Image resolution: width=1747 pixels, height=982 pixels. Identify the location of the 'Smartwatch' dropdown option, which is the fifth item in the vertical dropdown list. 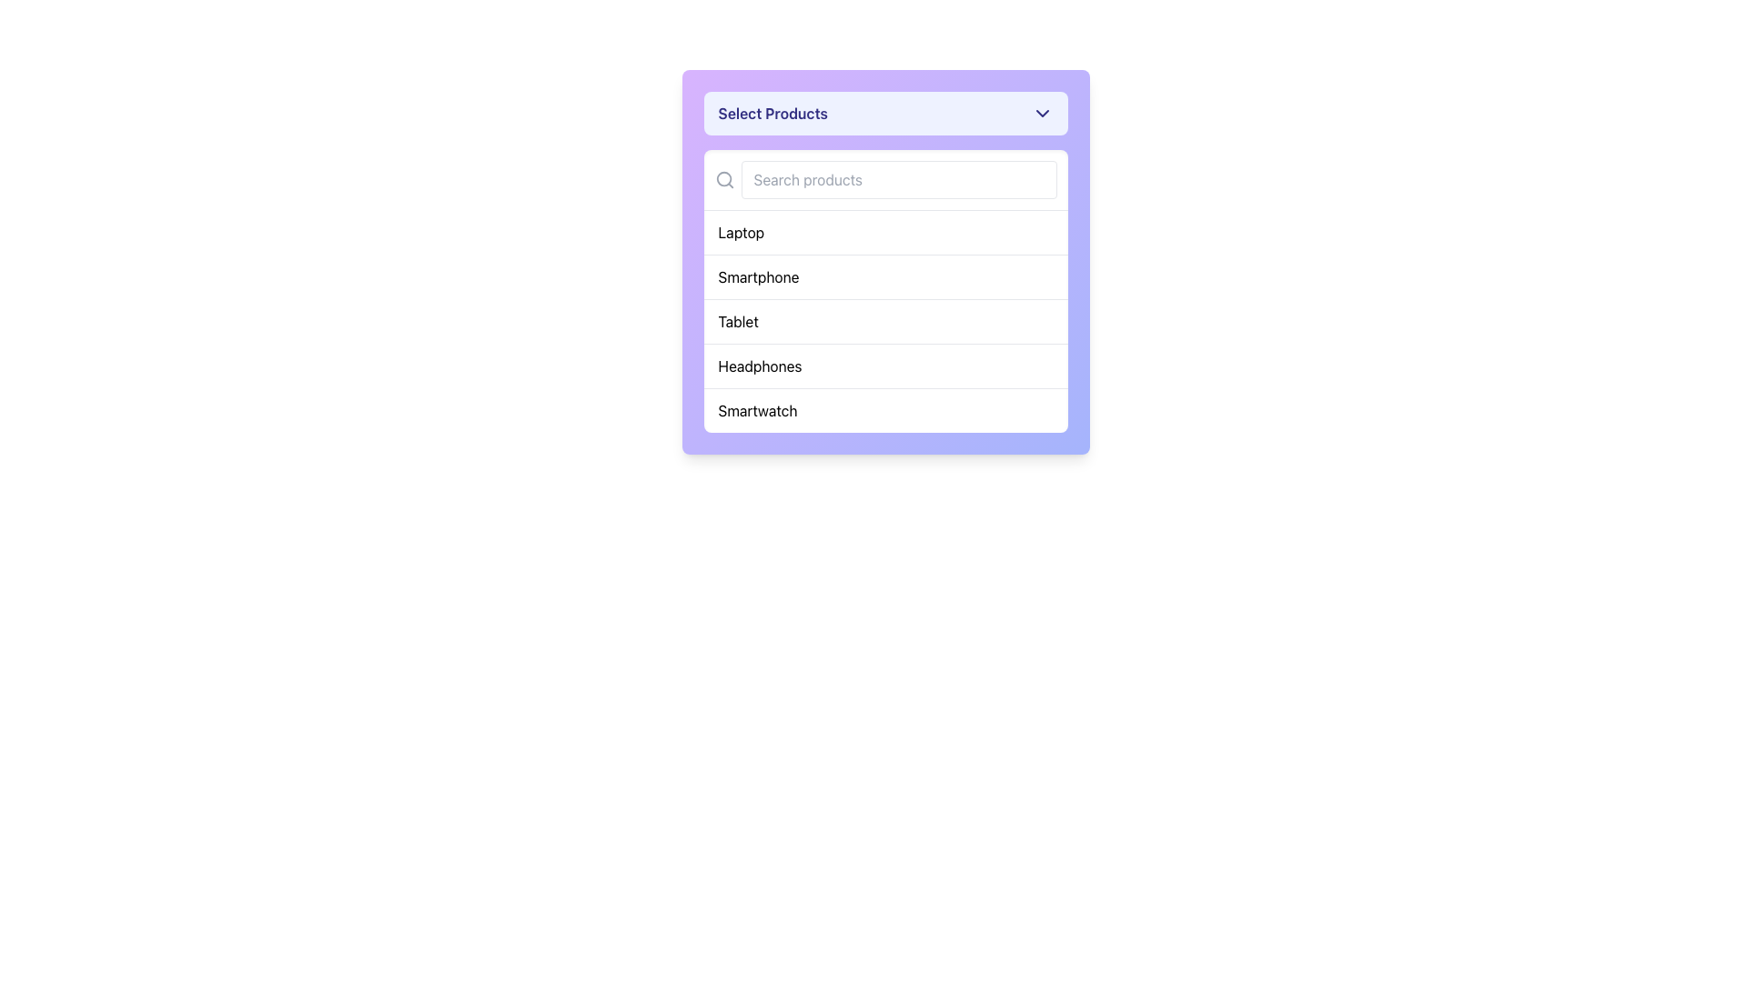
(885, 410).